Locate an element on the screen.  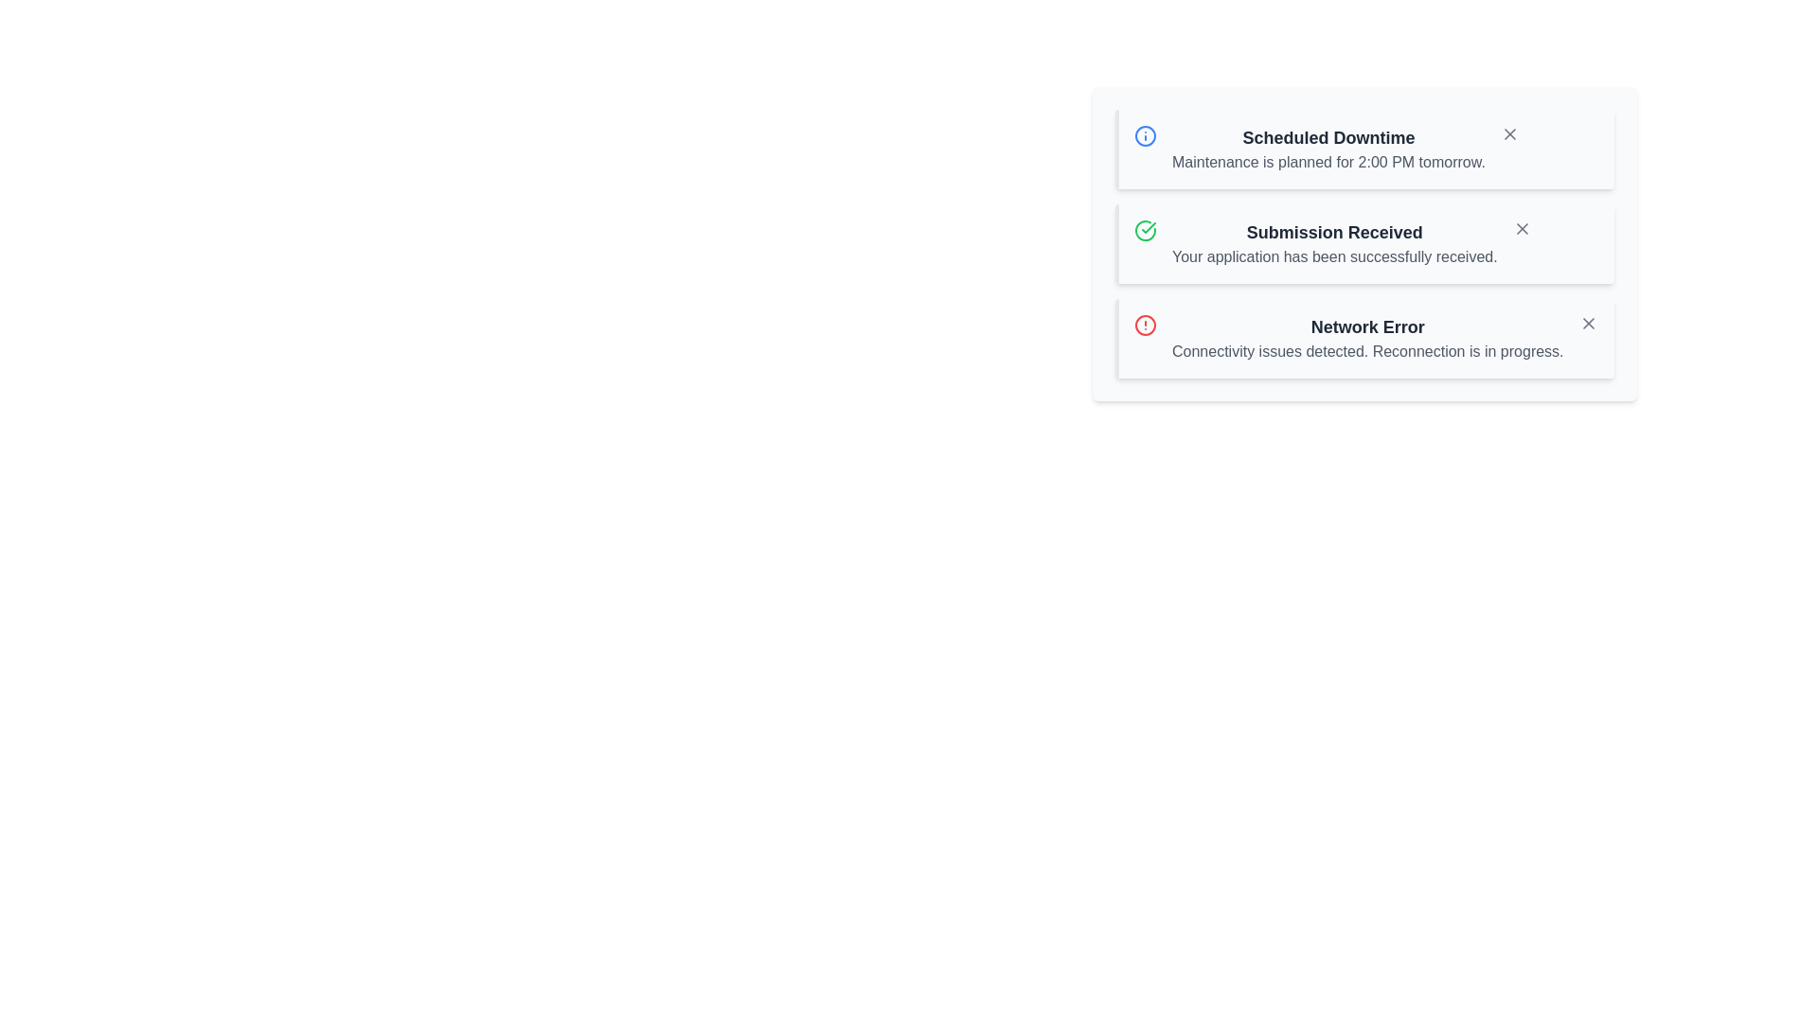
the success icon located to the left of the 'Submission Received' text within the notification block is located at coordinates (1144, 229).